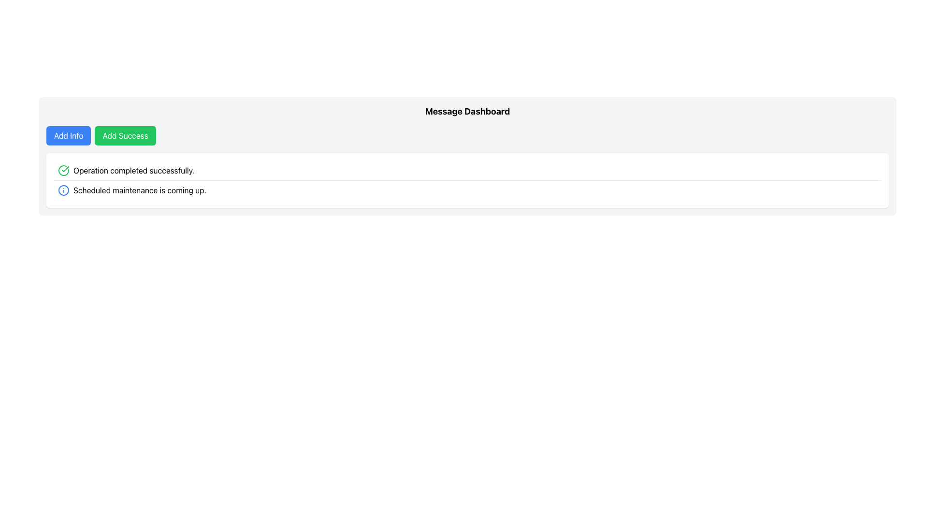 The height and width of the screenshot is (522, 928). I want to click on the checkmark icon that indicates successful completion of the operation, located to the left of the text 'Operation completed successfully.', so click(65, 169).